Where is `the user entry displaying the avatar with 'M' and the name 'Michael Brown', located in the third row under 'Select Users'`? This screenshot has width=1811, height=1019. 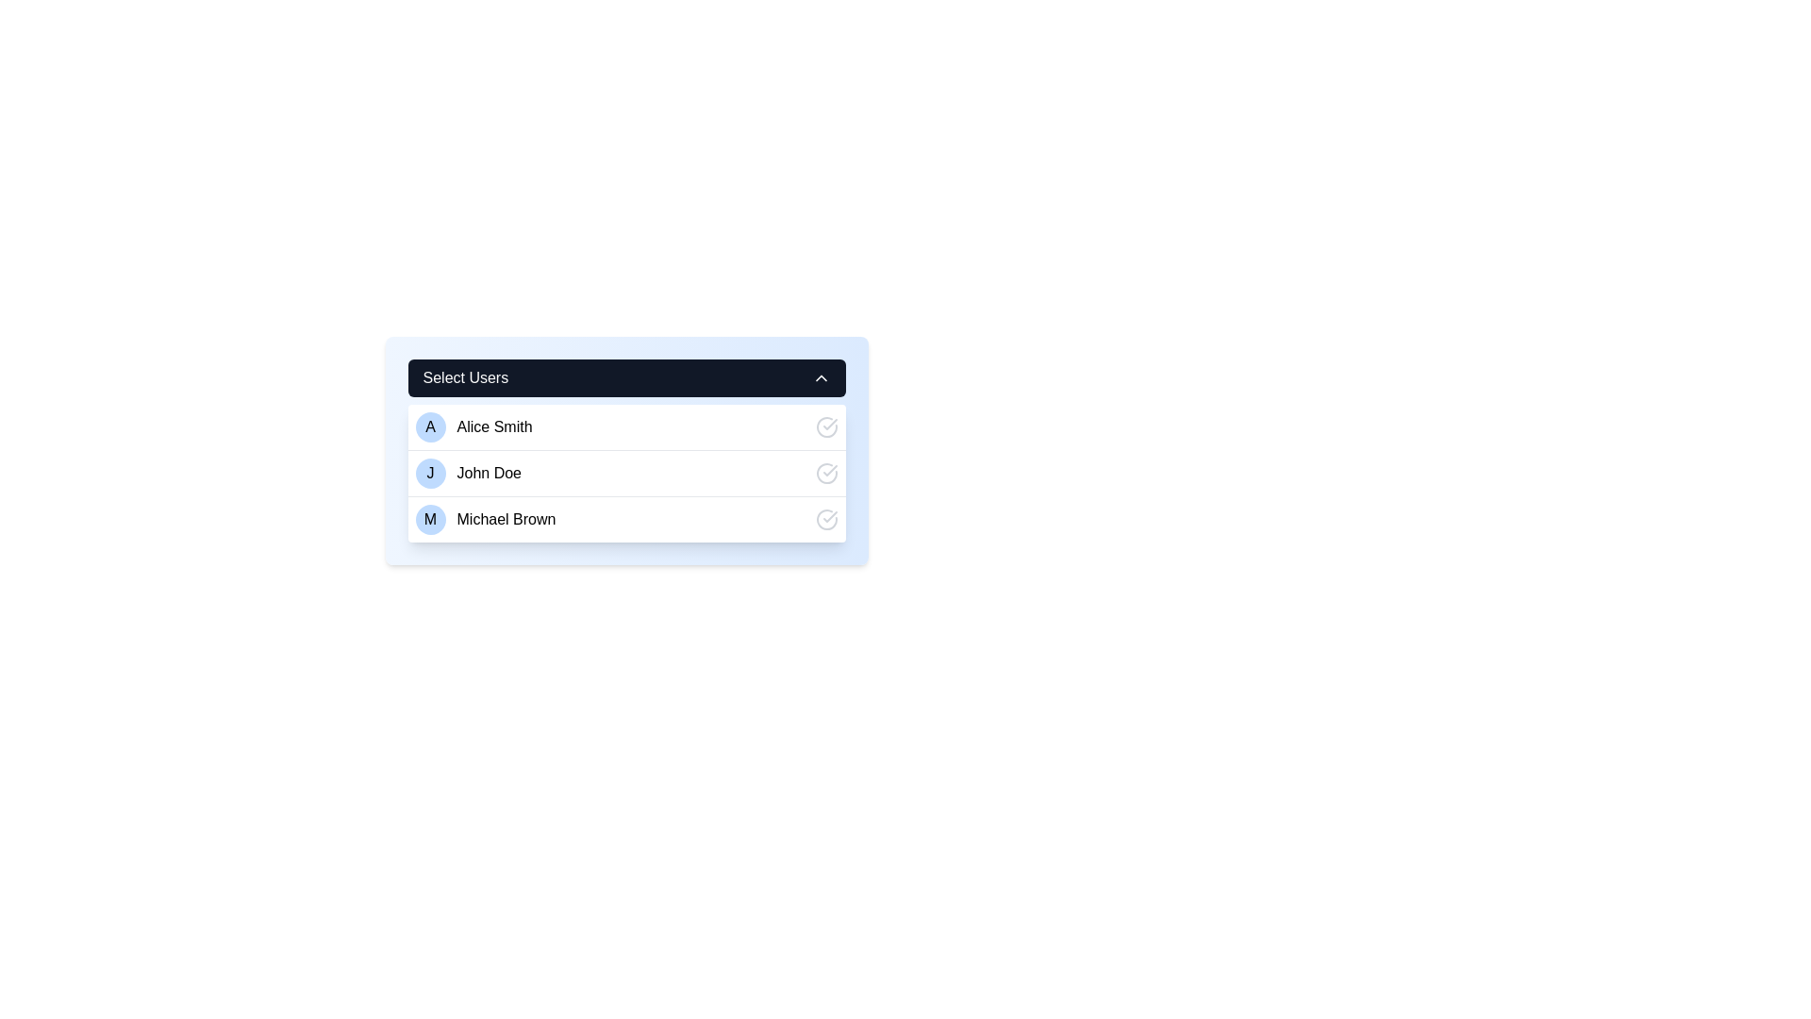
the user entry displaying the avatar with 'M' and the name 'Michael Brown', located in the third row under 'Select Users' is located at coordinates (485, 520).